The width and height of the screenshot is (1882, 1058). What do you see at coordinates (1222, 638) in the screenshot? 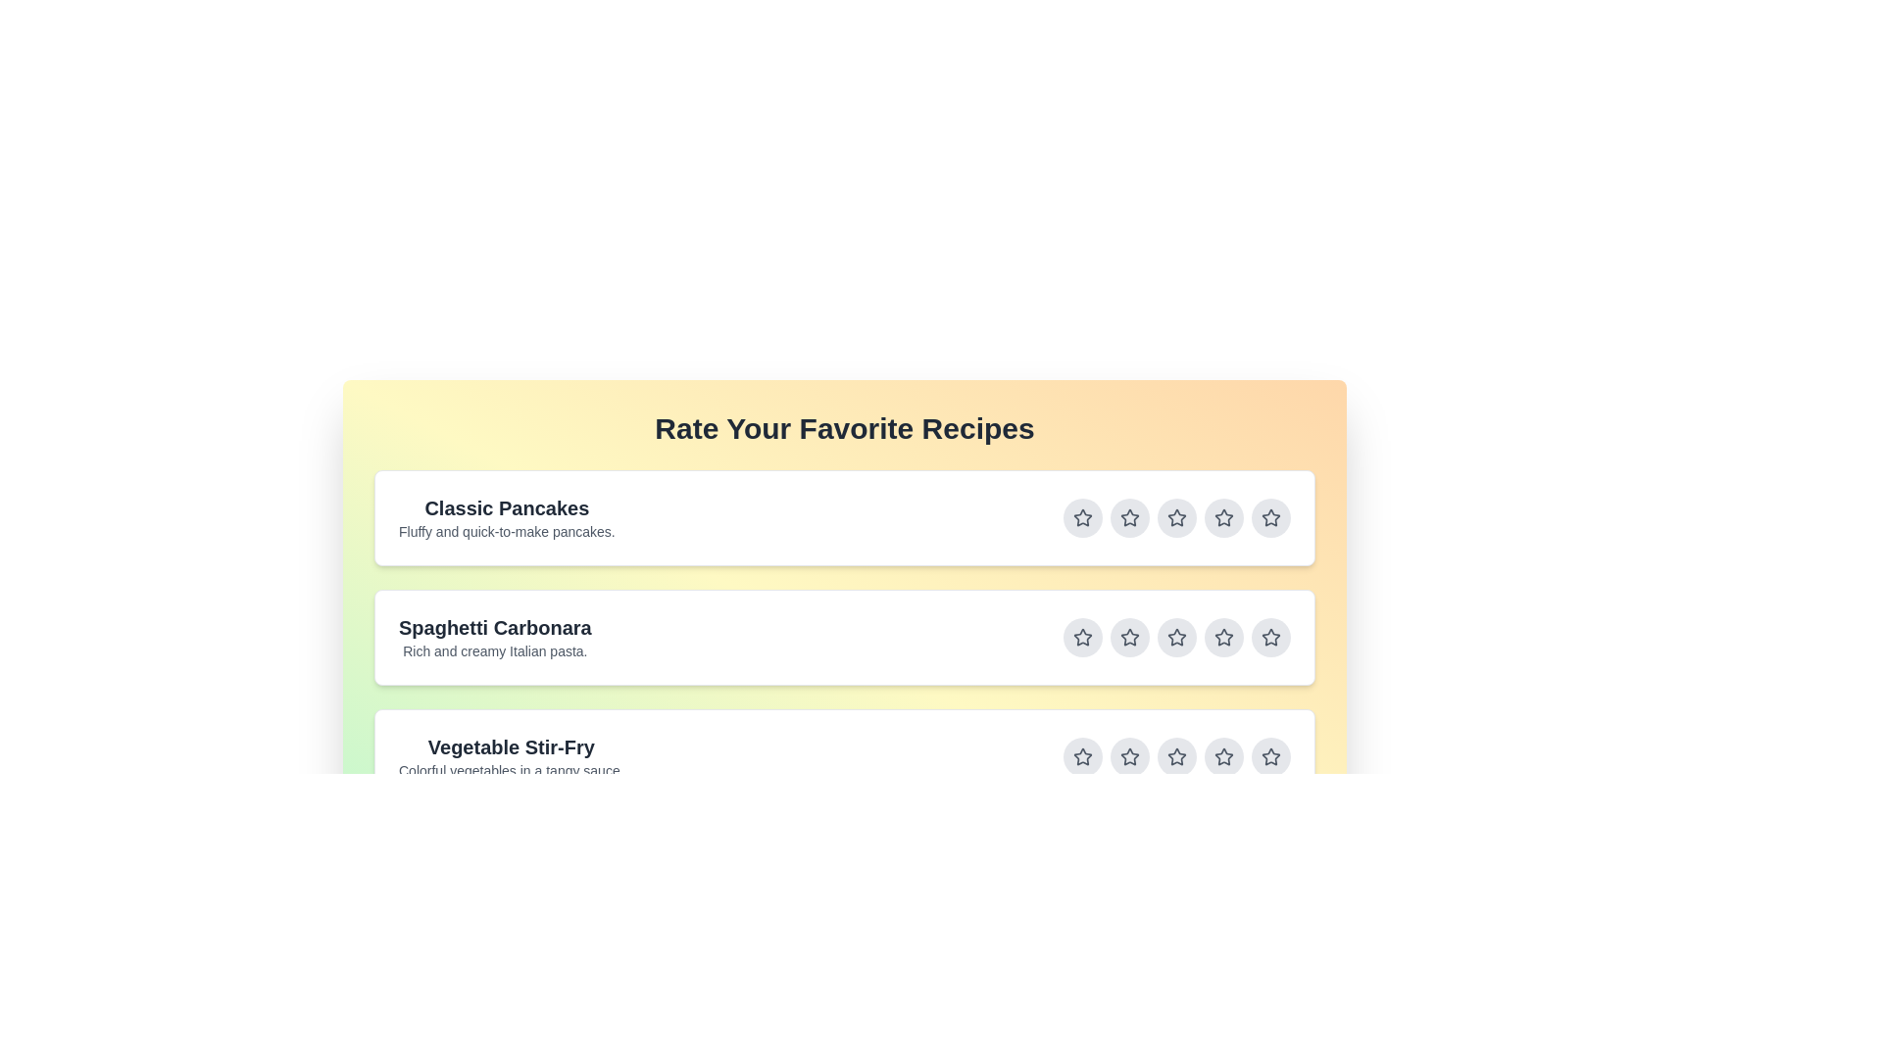
I see `the star button corresponding to 4 stars for the recipe titled Spaghetti Carbonara` at bounding box center [1222, 638].